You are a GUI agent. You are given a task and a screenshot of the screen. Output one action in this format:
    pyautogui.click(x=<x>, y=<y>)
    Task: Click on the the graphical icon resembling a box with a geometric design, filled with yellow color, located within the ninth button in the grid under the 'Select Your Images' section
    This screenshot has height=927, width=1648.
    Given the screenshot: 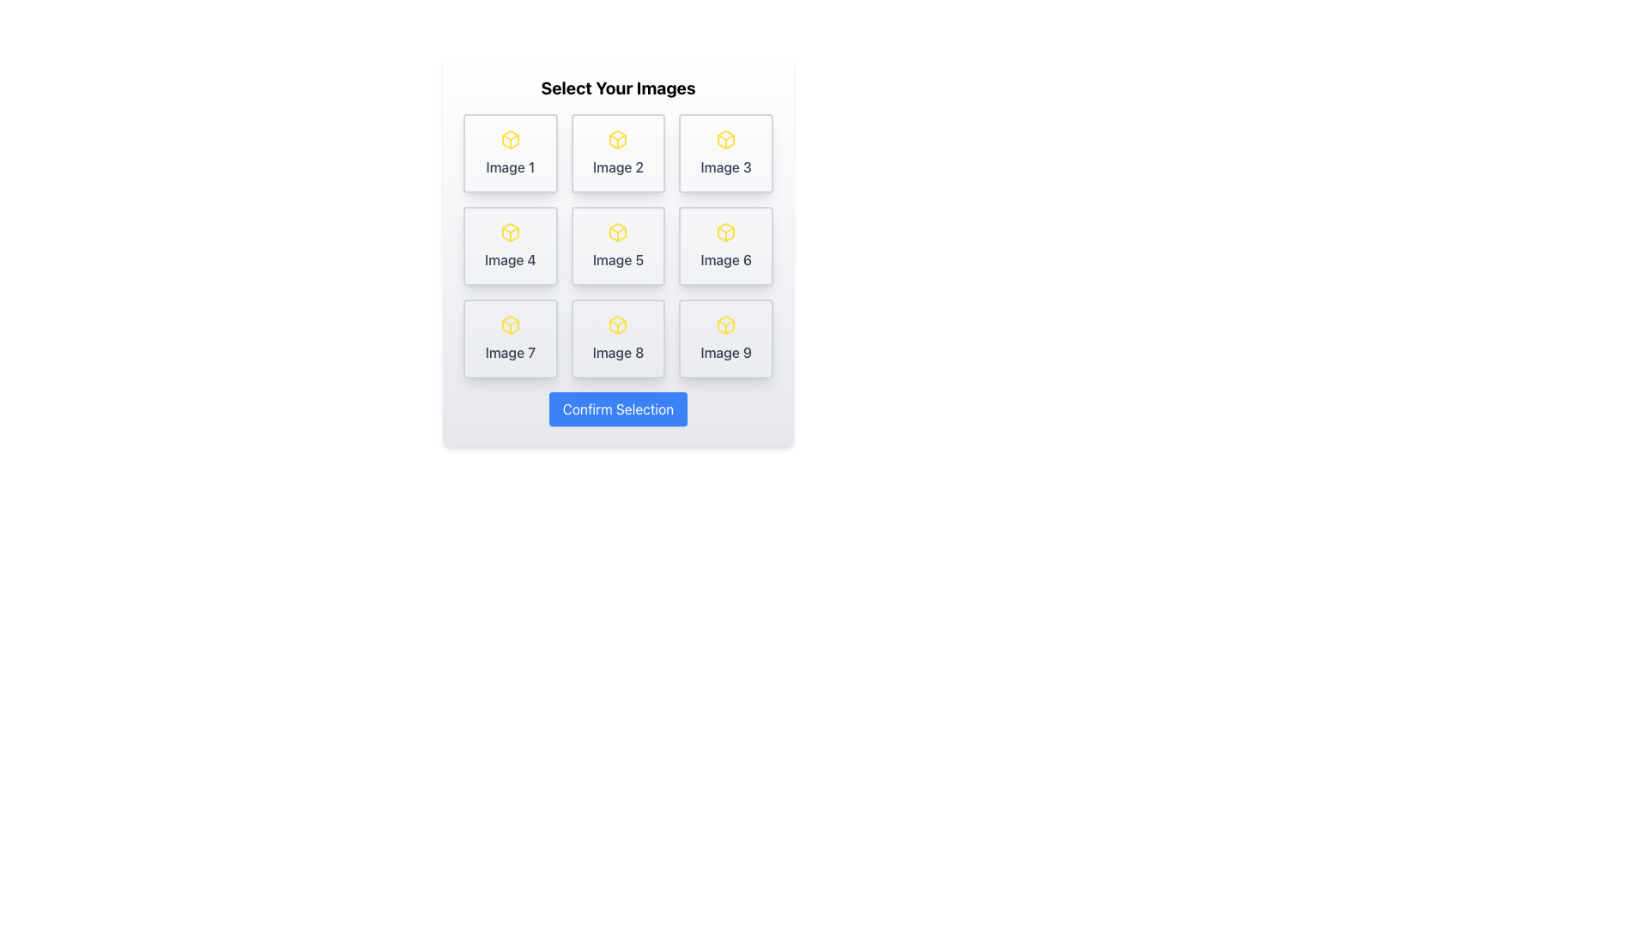 What is the action you would take?
    pyautogui.click(x=726, y=324)
    